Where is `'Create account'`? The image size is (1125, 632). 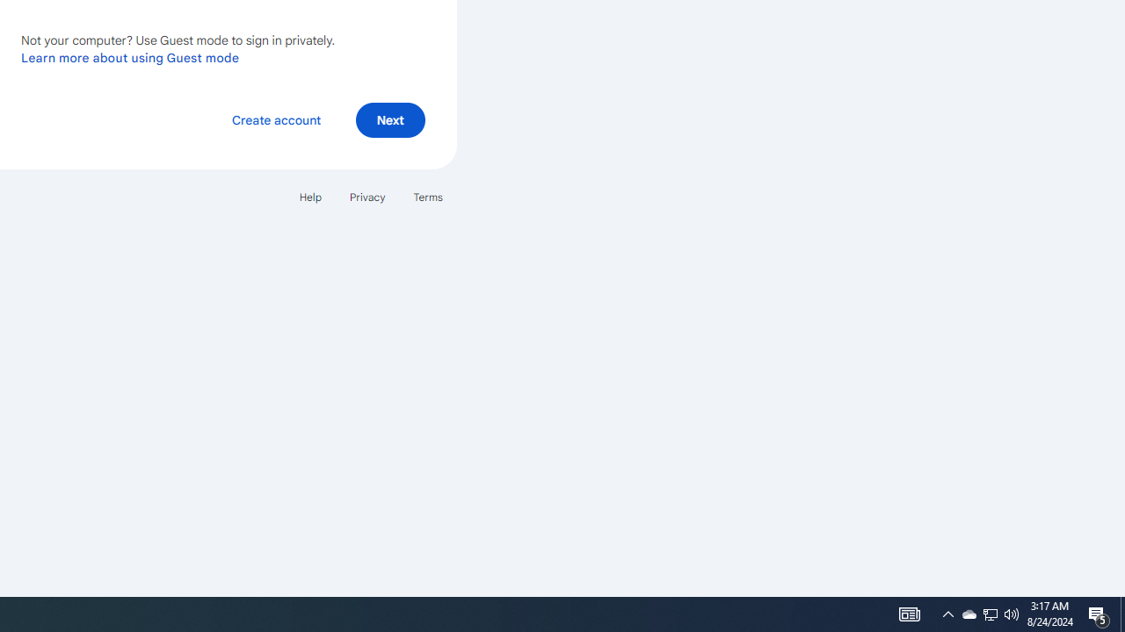
'Create account' is located at coordinates (275, 118).